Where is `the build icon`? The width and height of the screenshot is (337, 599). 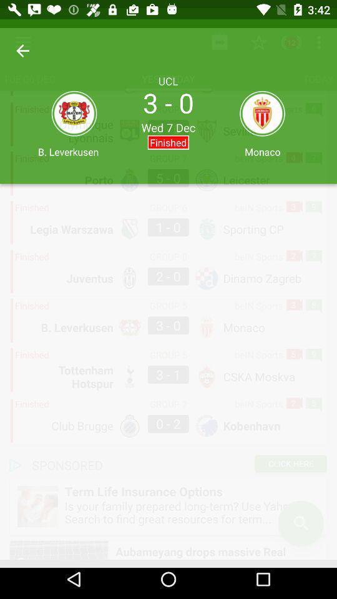 the build icon is located at coordinates (12, 13).